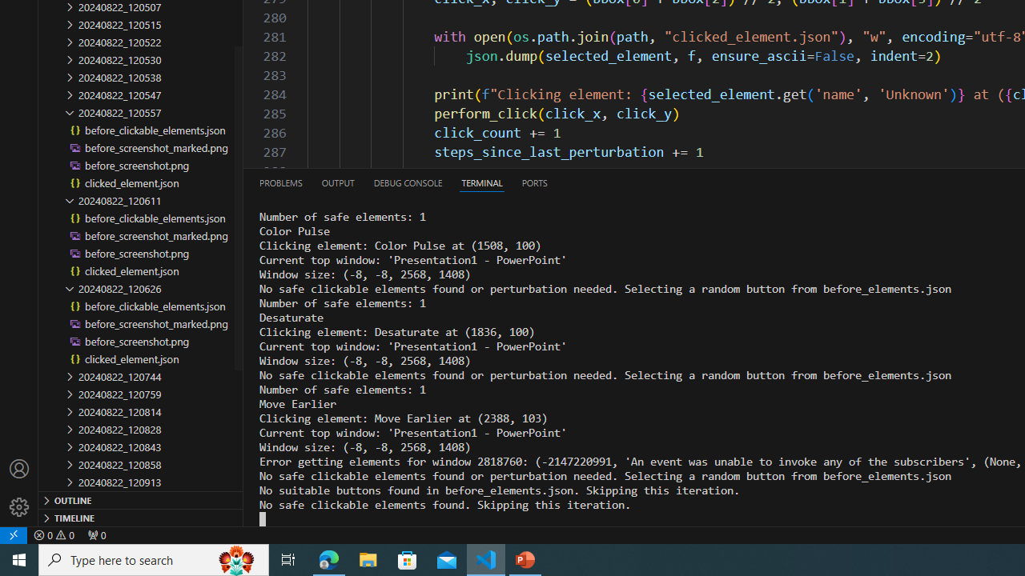 This screenshot has height=576, width=1025. Describe the element at coordinates (141, 498) in the screenshot. I see `'Outline Section'` at that location.